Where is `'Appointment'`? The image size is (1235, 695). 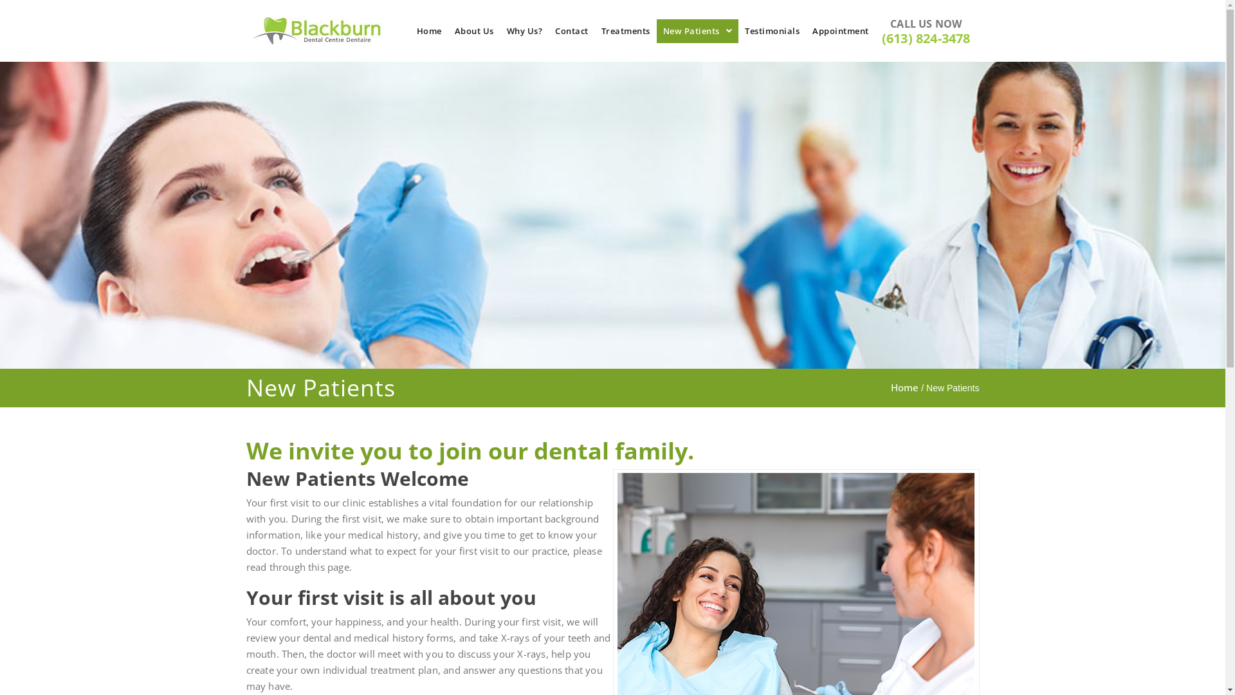
'Appointment' is located at coordinates (840, 30).